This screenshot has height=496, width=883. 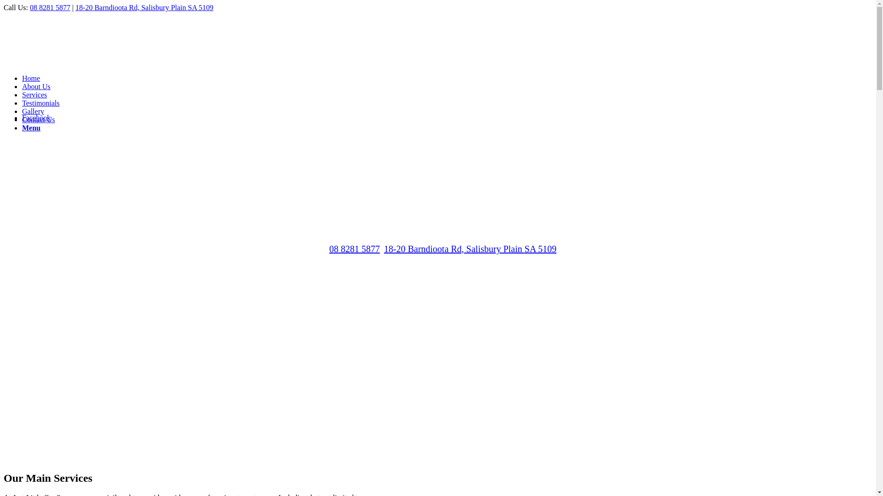 I want to click on 'Services', so click(x=34, y=95).